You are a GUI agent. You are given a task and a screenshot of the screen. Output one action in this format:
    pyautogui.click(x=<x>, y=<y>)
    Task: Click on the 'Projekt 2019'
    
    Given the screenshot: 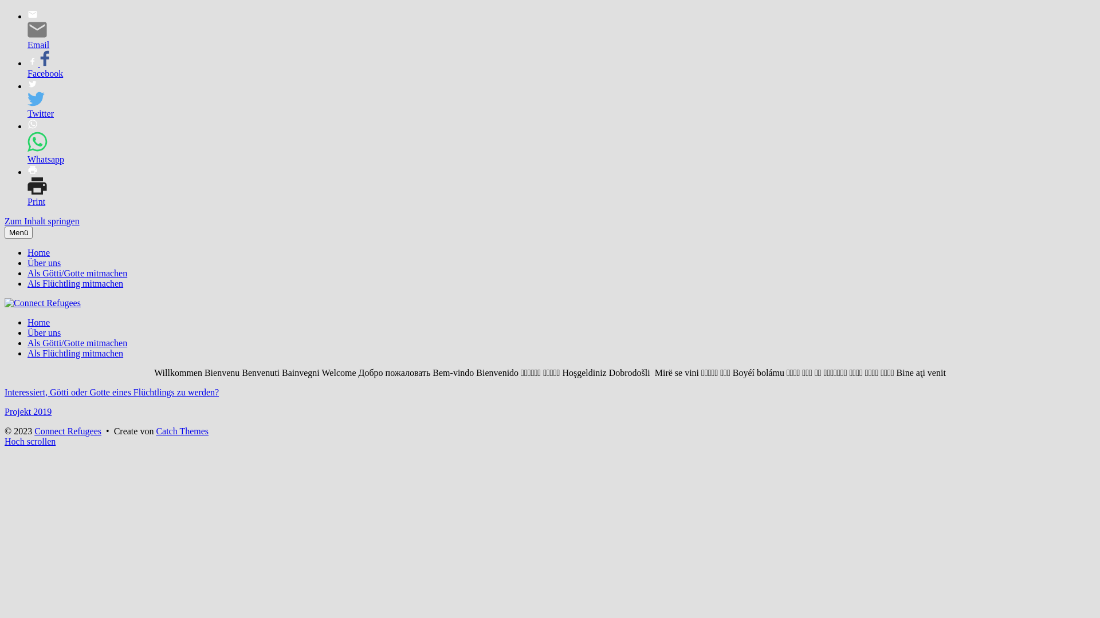 What is the action you would take?
    pyautogui.click(x=27, y=411)
    